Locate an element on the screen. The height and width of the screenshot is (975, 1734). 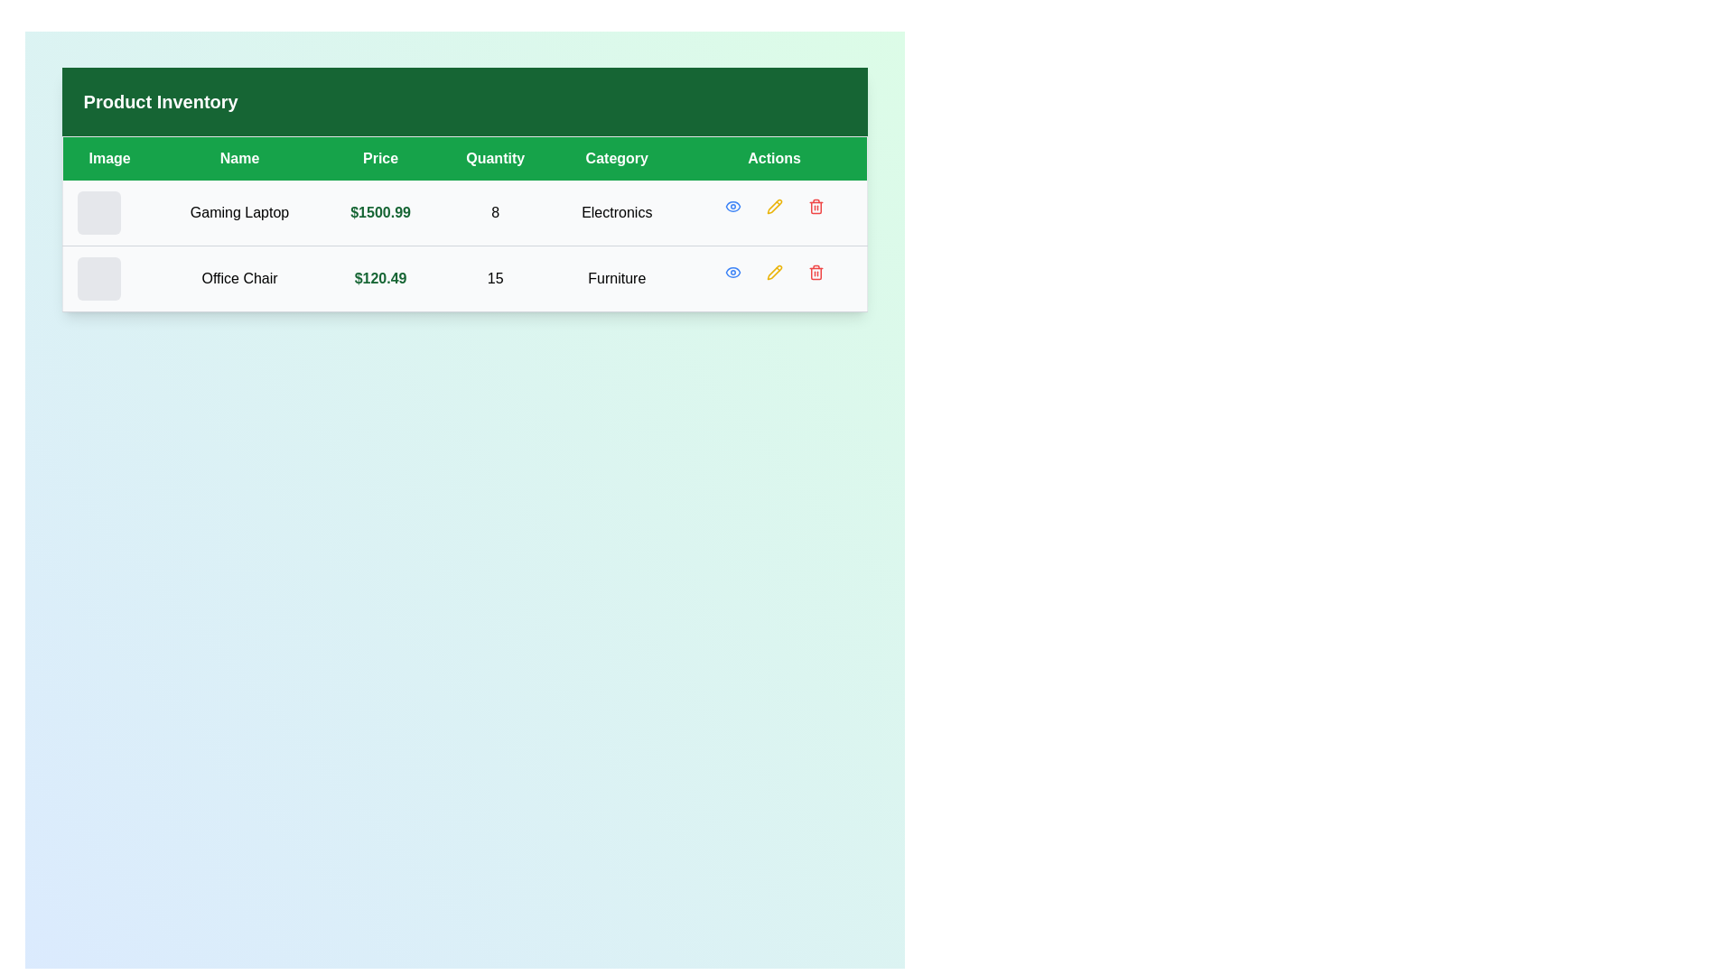
the text label displaying '15' in the 'Quantity' column of the table for 'Office Chair', which is styled as plain text in a white cell is located at coordinates (495, 278).